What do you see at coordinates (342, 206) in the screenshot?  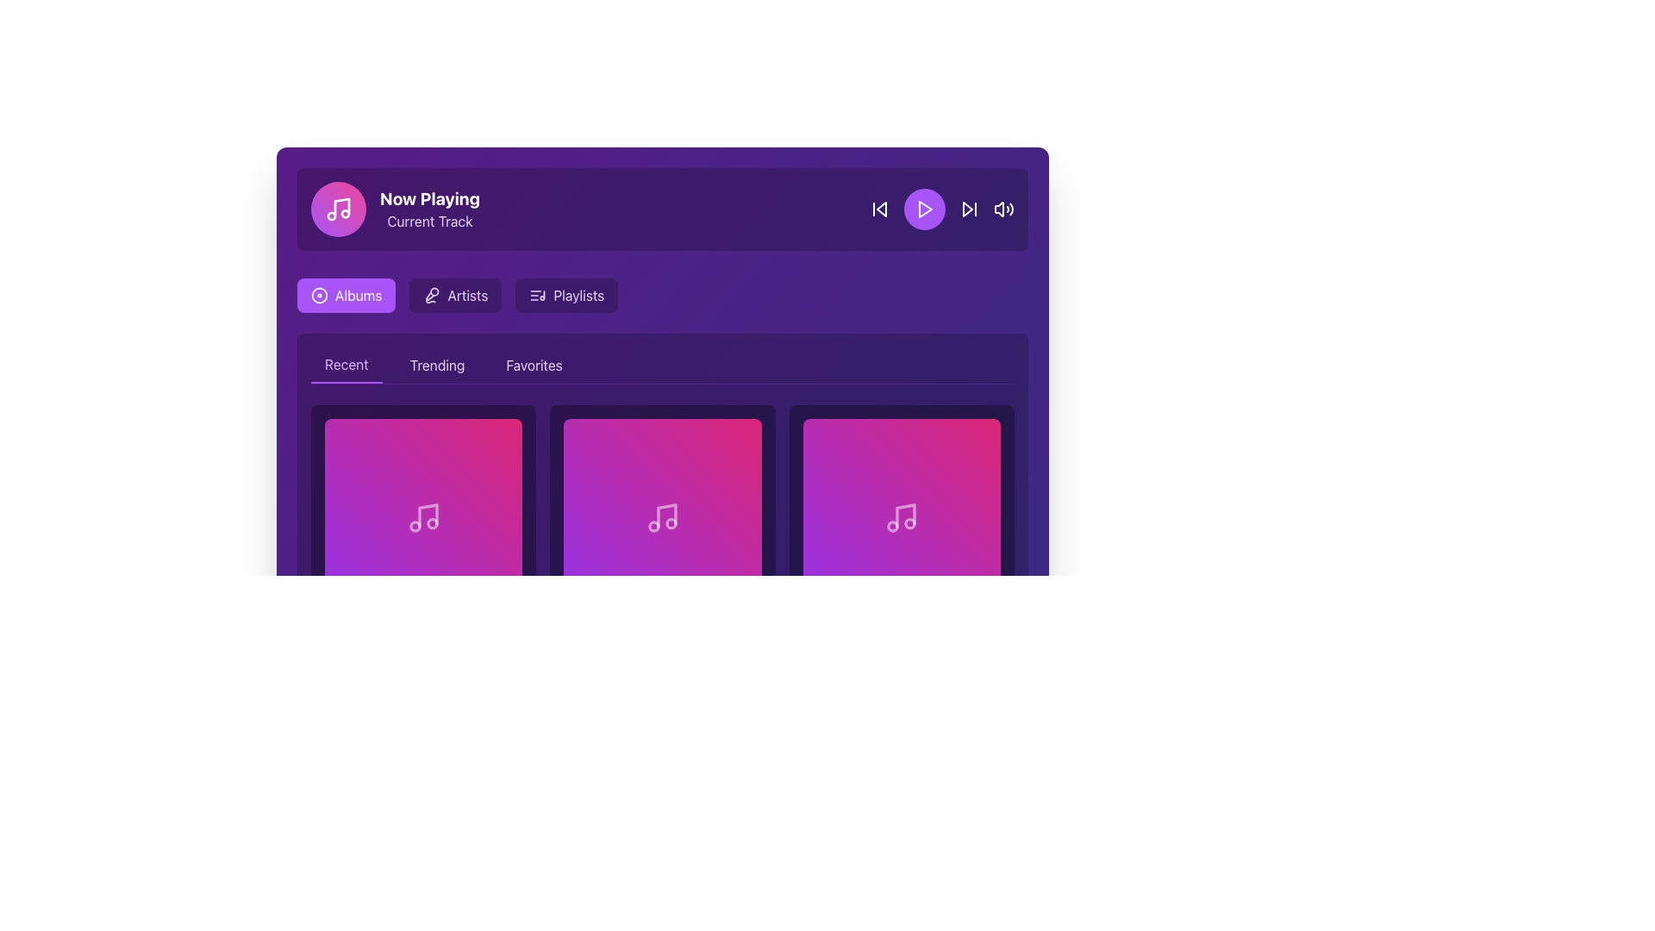 I see `the Decorative Icon Component located in the 'Now Playing' header section, adjacent to the text label 'Now Playing' and 'Current Track', which is embedded in the music note icon` at bounding box center [342, 206].